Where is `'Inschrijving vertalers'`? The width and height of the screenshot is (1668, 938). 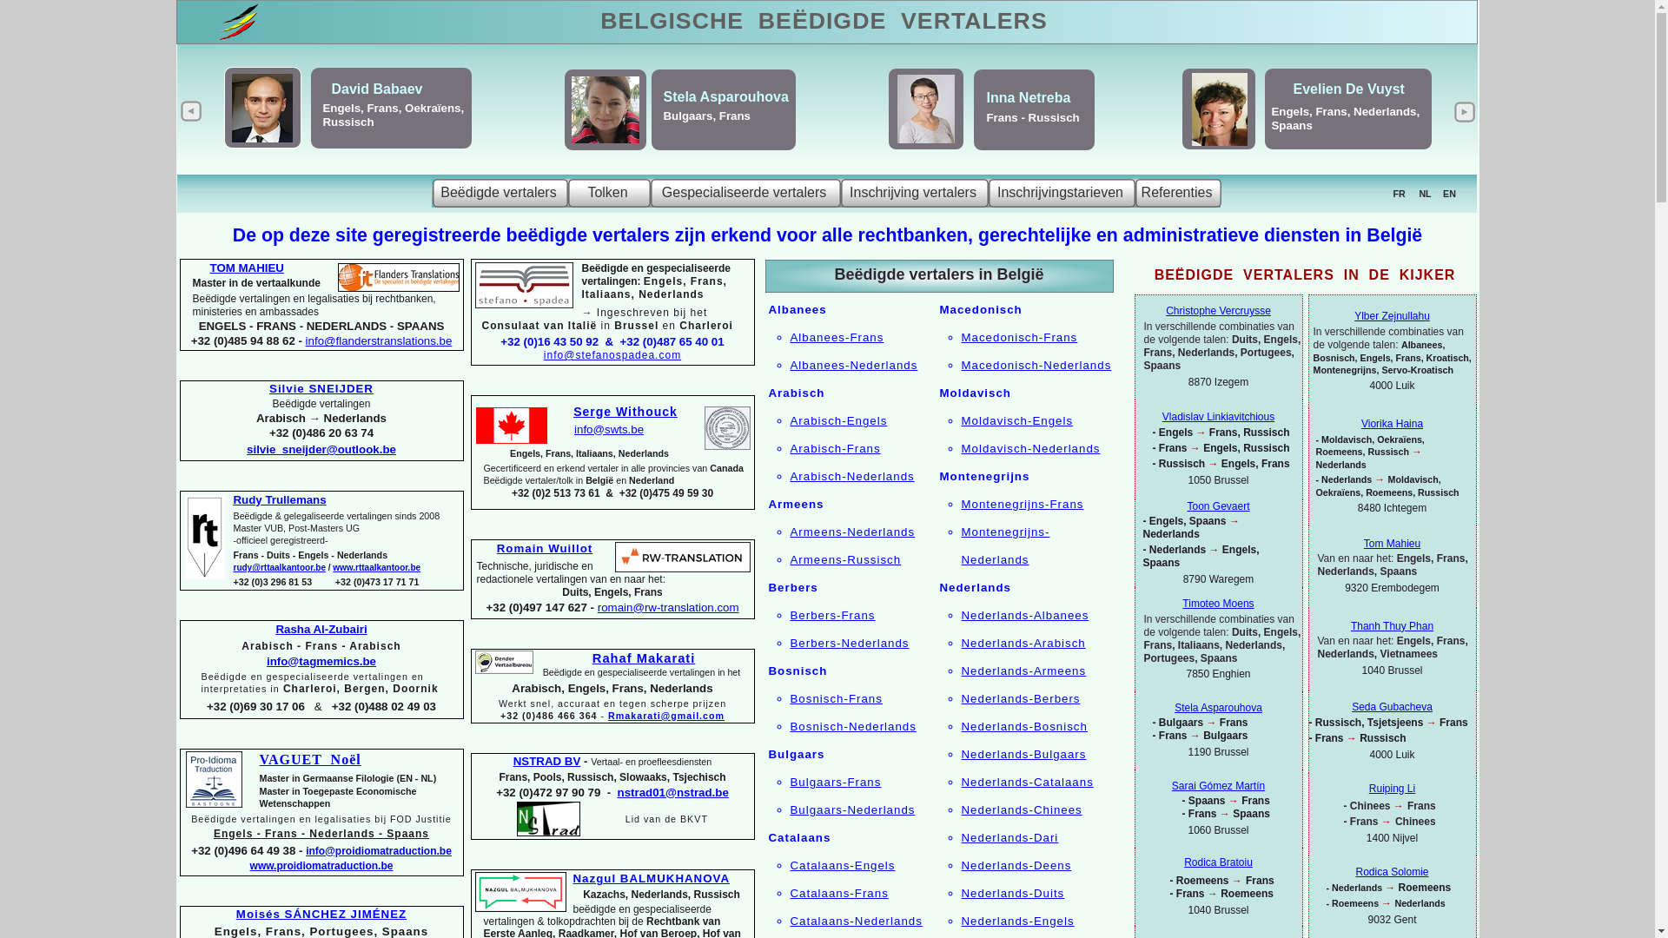
'Inschrijving vertalers' is located at coordinates (913, 193).